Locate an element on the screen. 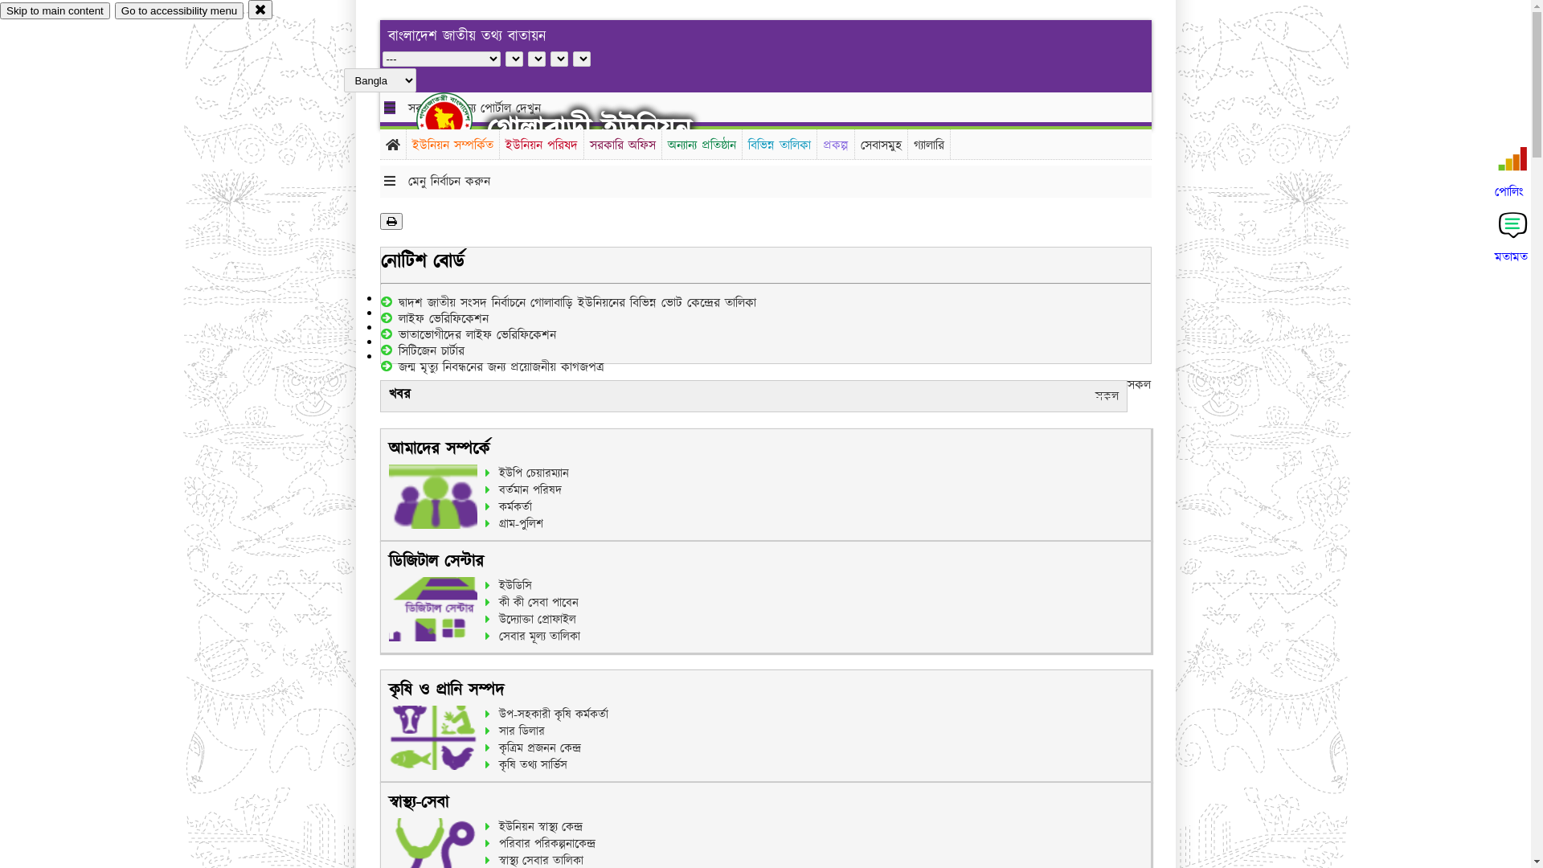 The image size is (1543, 868). 'close' is located at coordinates (260, 9).